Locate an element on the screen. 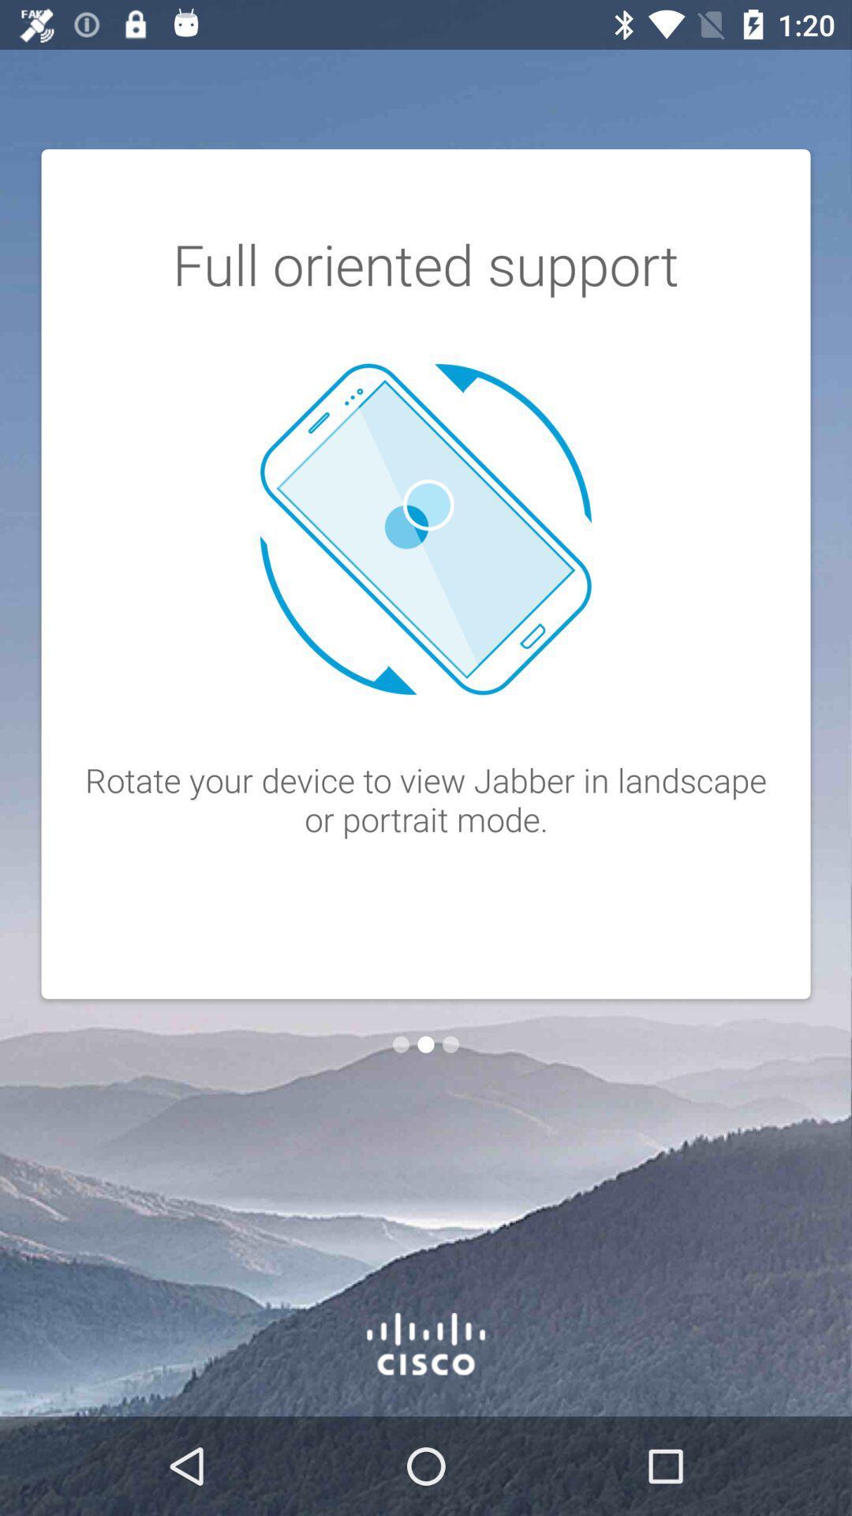  previous step is located at coordinates (400, 1045).